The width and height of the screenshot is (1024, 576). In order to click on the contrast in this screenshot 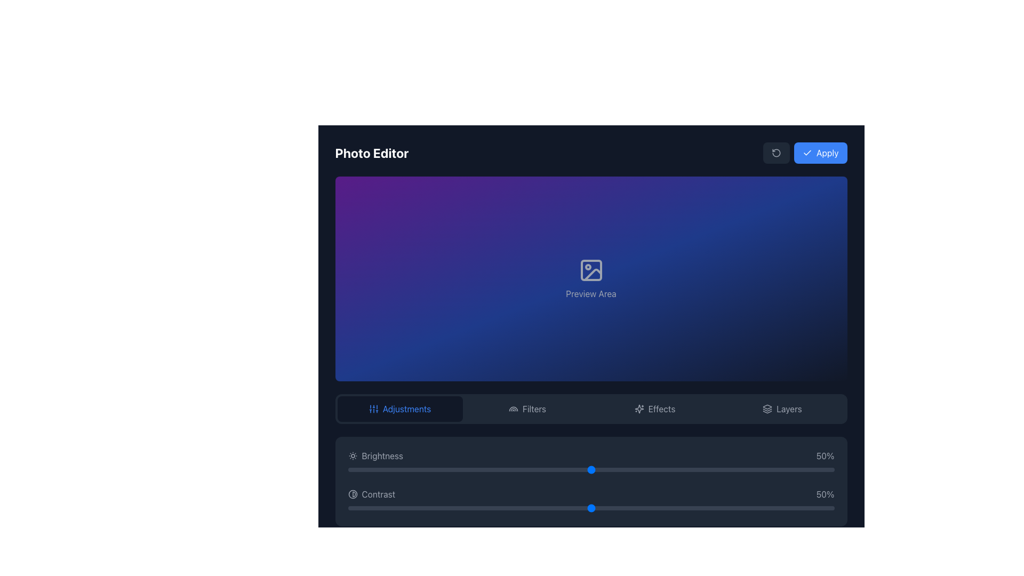, I will do `click(455, 507)`.